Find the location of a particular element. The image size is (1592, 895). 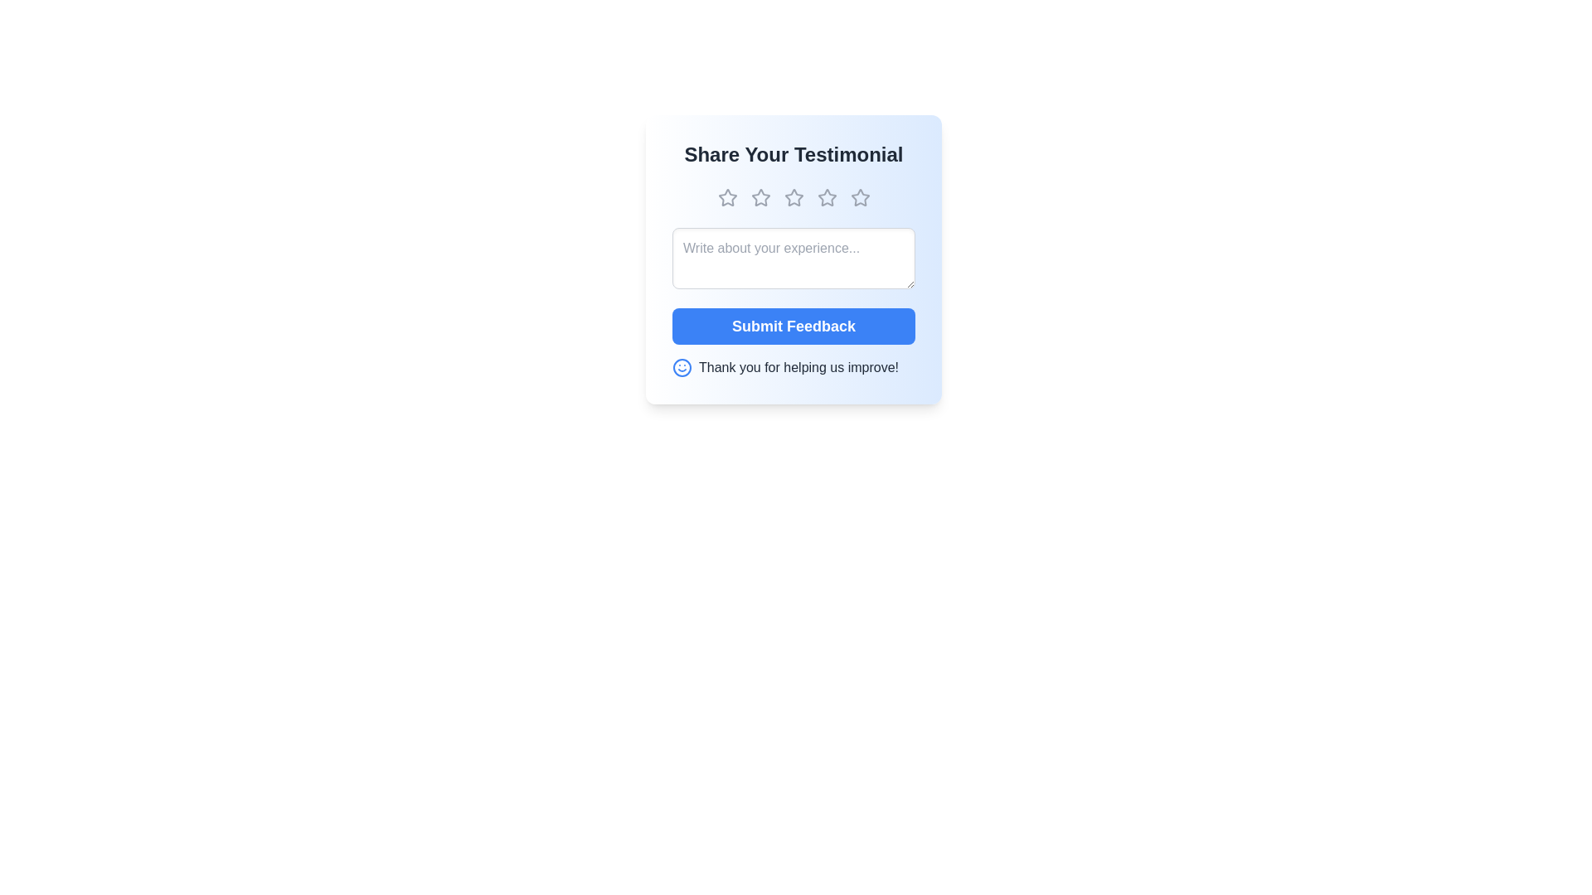

the 'Submit Feedback' button is located at coordinates (793, 326).